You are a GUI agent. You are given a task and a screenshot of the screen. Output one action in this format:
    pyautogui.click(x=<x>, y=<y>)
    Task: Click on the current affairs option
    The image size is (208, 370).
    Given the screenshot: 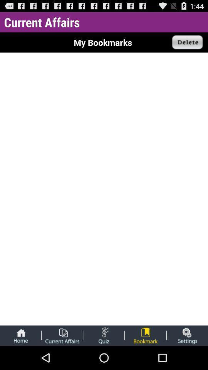 What is the action you would take?
    pyautogui.click(x=62, y=335)
    